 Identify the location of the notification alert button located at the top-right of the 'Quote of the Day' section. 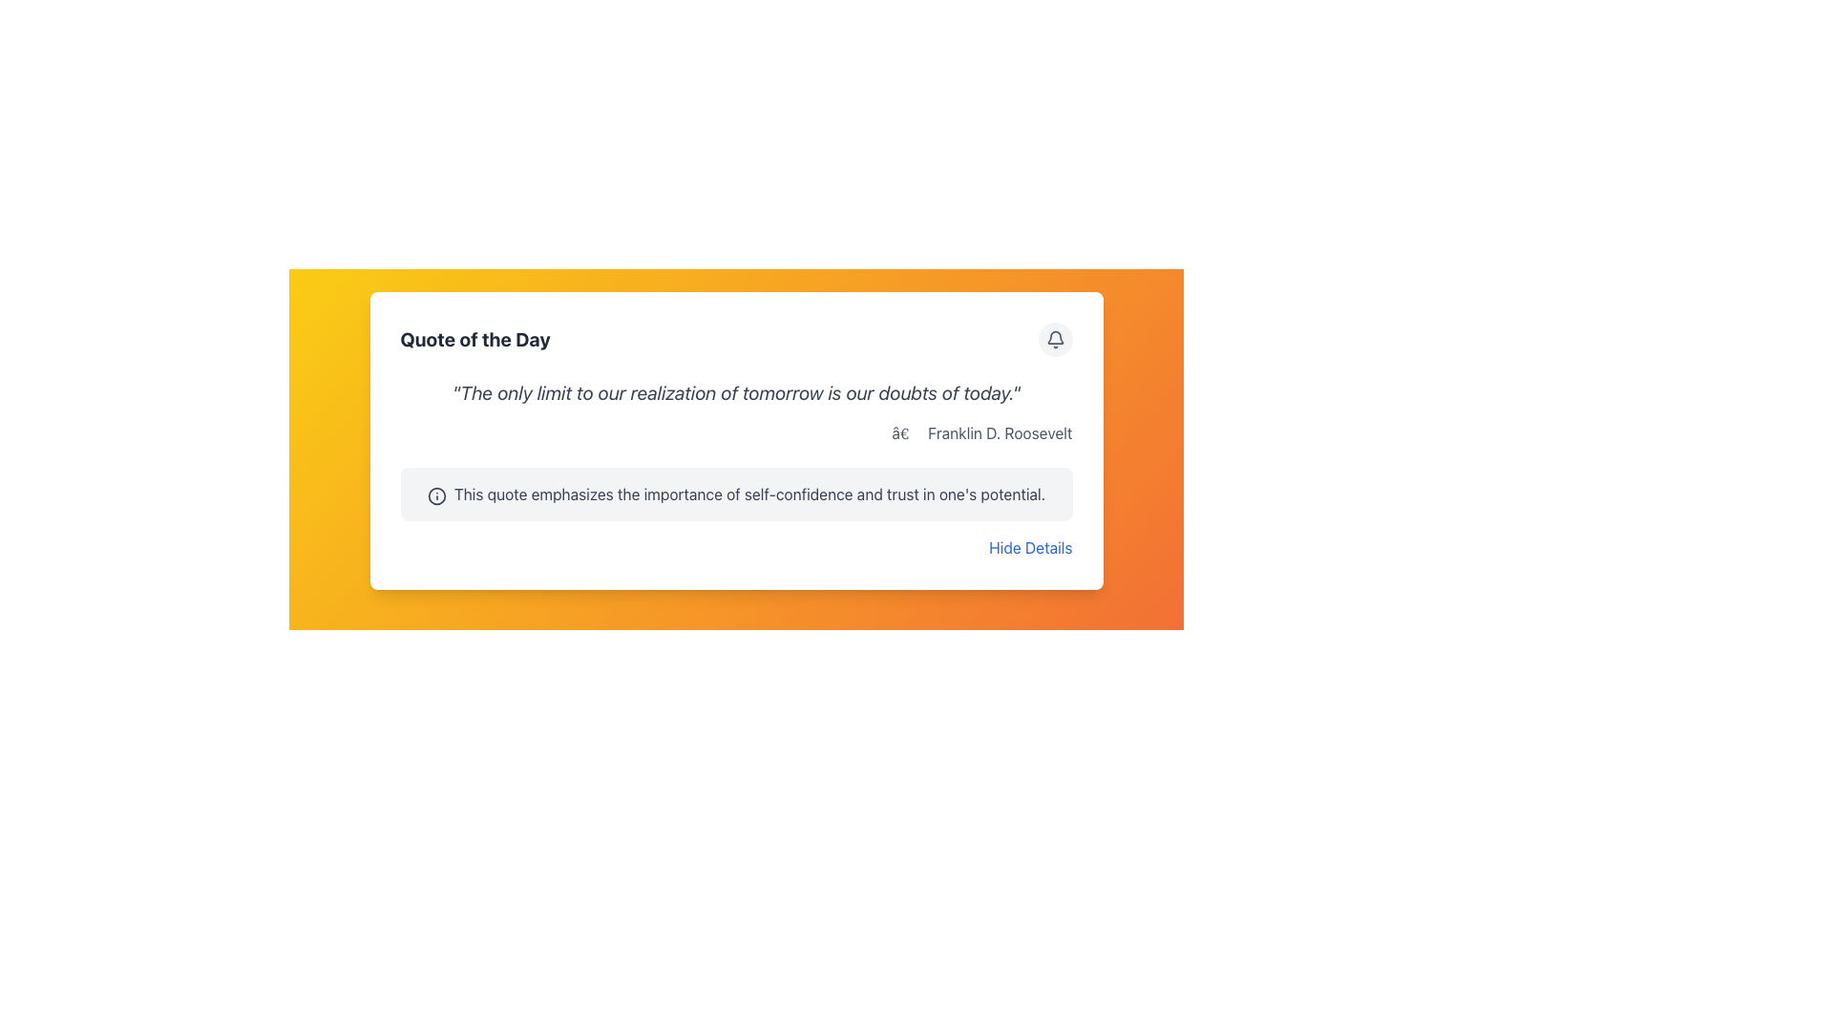
(1054, 338).